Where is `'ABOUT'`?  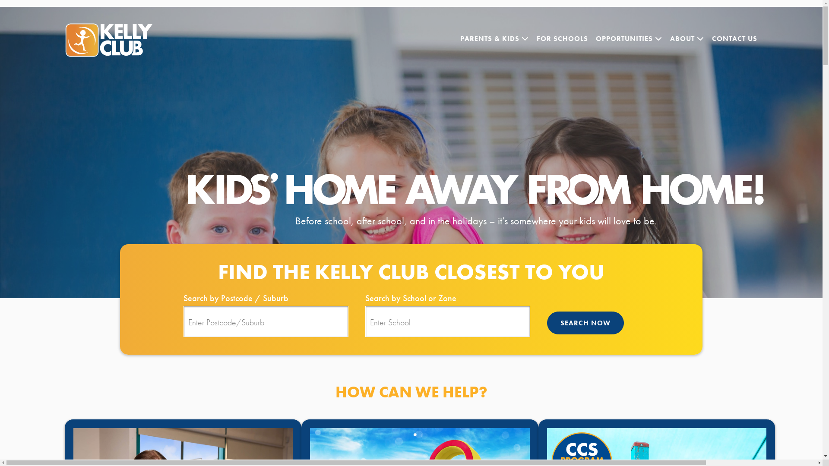 'ABOUT' is located at coordinates (687, 38).